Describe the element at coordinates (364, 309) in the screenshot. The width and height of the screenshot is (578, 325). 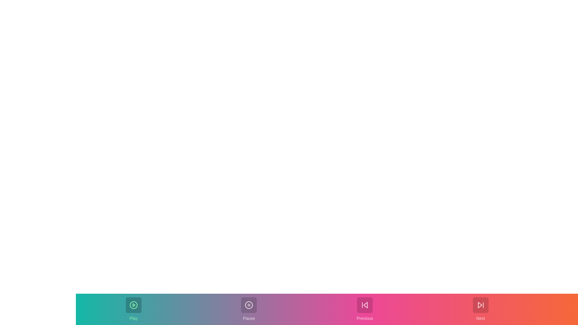
I see `the 'Previous' button to go to the previous track` at that location.